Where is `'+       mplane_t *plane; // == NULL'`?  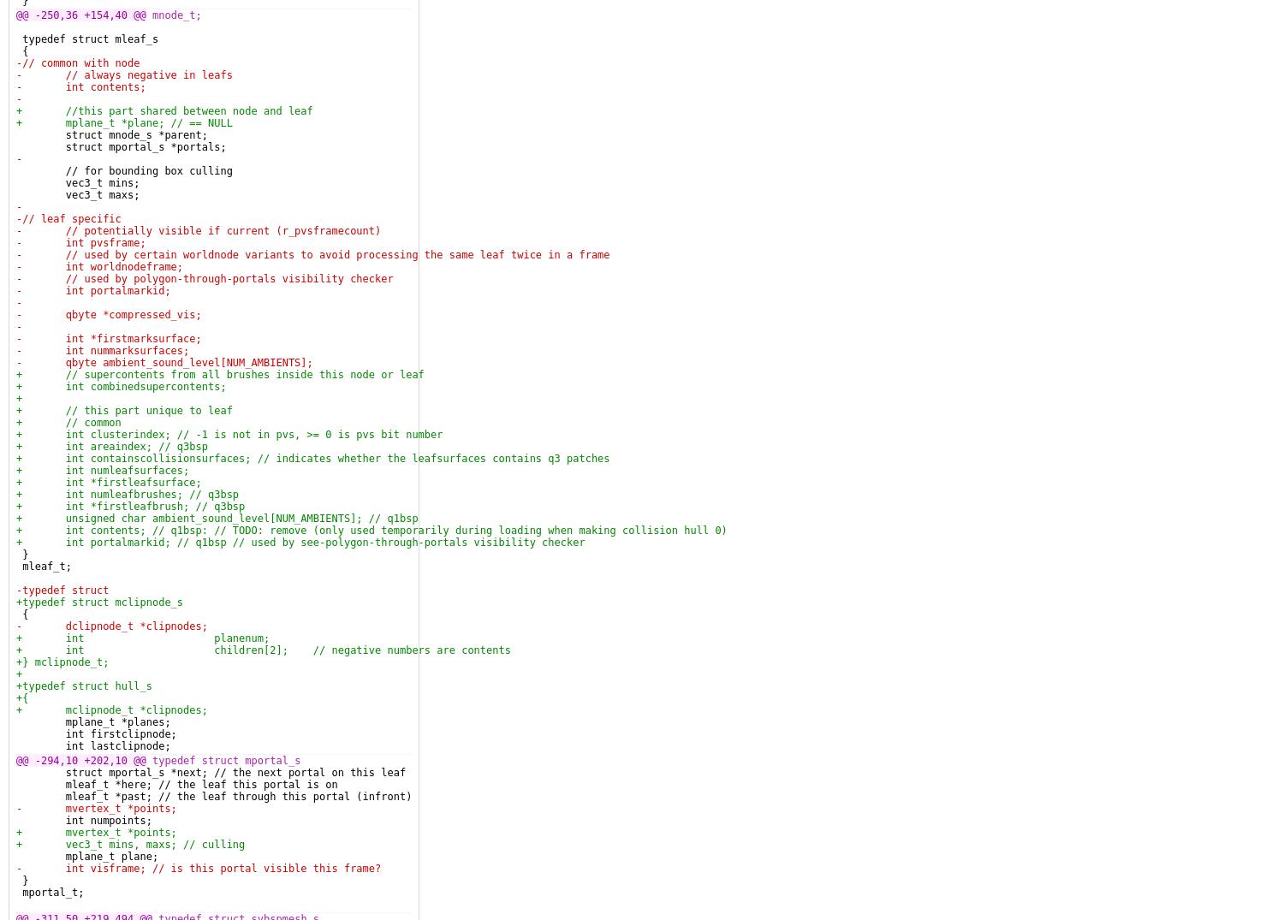
'+       mplane_t *plane; // == NULL' is located at coordinates (124, 122).